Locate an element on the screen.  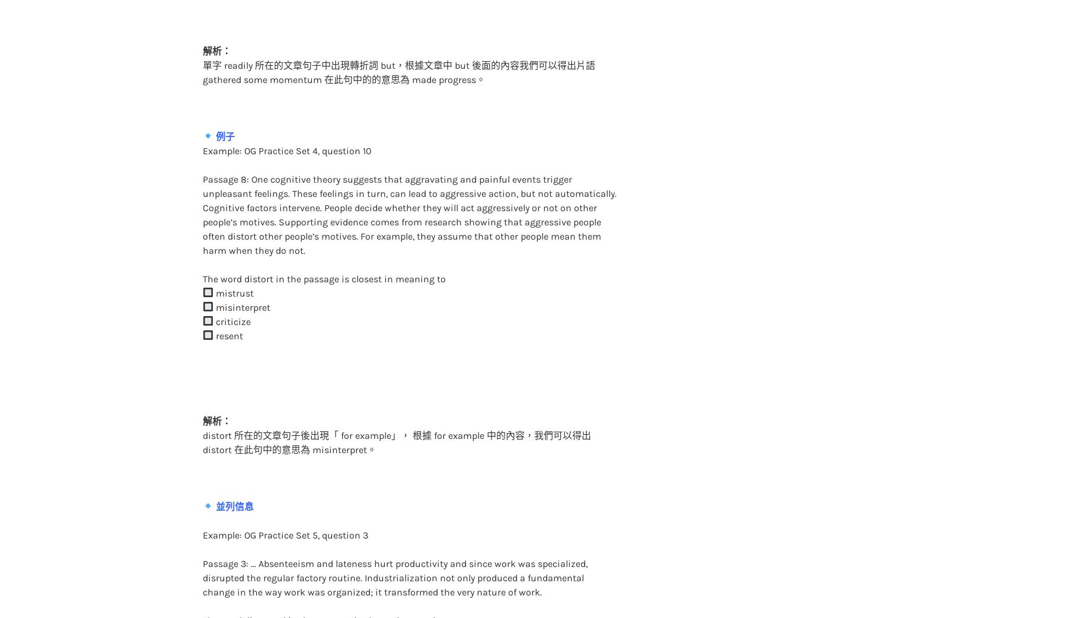
'resent' is located at coordinates (227, 311).